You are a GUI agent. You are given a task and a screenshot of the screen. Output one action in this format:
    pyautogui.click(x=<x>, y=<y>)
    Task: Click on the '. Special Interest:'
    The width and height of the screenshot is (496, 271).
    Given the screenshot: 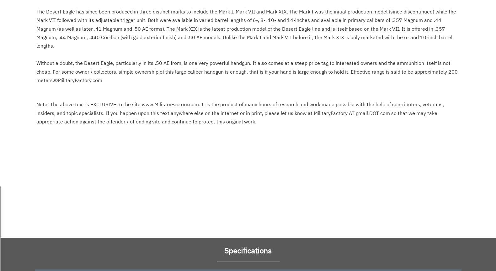 What is the action you would take?
    pyautogui.click(x=290, y=56)
    